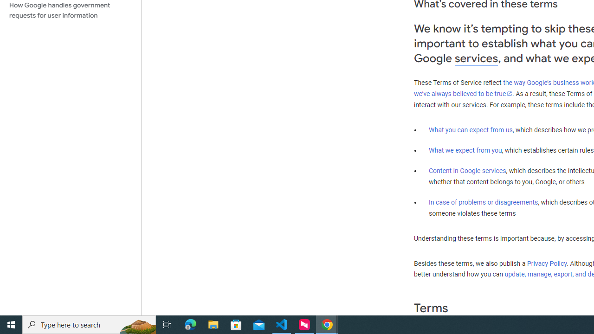 This screenshot has height=334, width=594. Describe the element at coordinates (483, 201) in the screenshot. I see `'In case of problems or disagreements'` at that location.